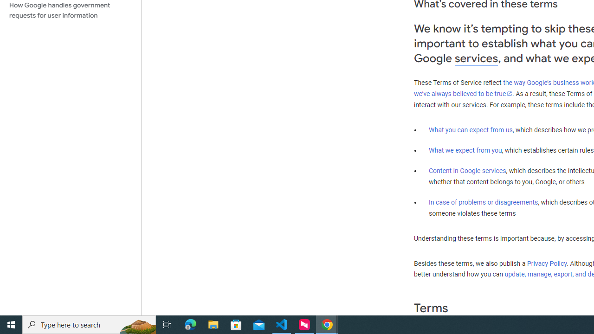 This screenshot has height=334, width=594. Describe the element at coordinates (483, 201) in the screenshot. I see `'In case of problems or disagreements'` at that location.